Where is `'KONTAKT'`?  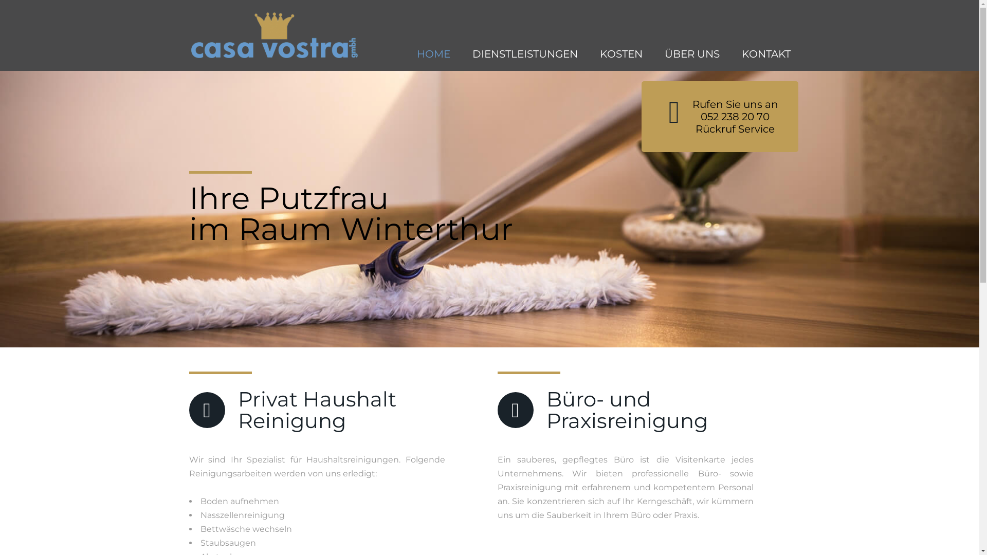
'KONTAKT' is located at coordinates (765, 54).